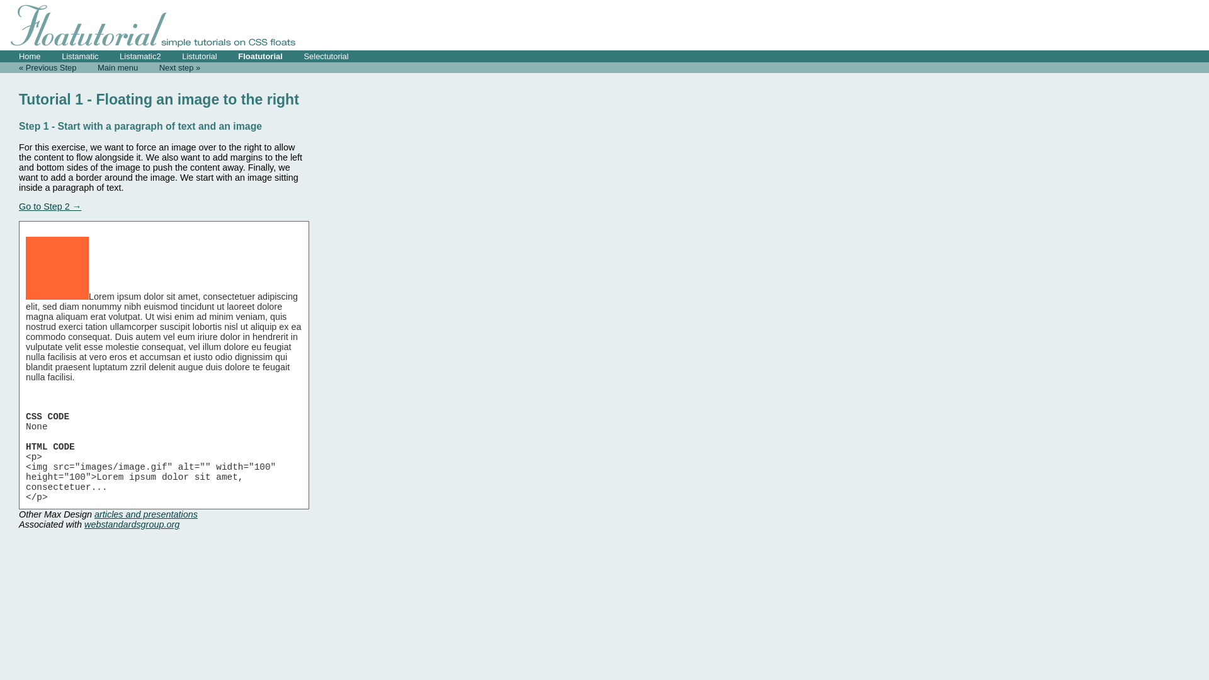 The image size is (1209, 680). What do you see at coordinates (326, 55) in the screenshot?
I see `'Selectutorial'` at bounding box center [326, 55].